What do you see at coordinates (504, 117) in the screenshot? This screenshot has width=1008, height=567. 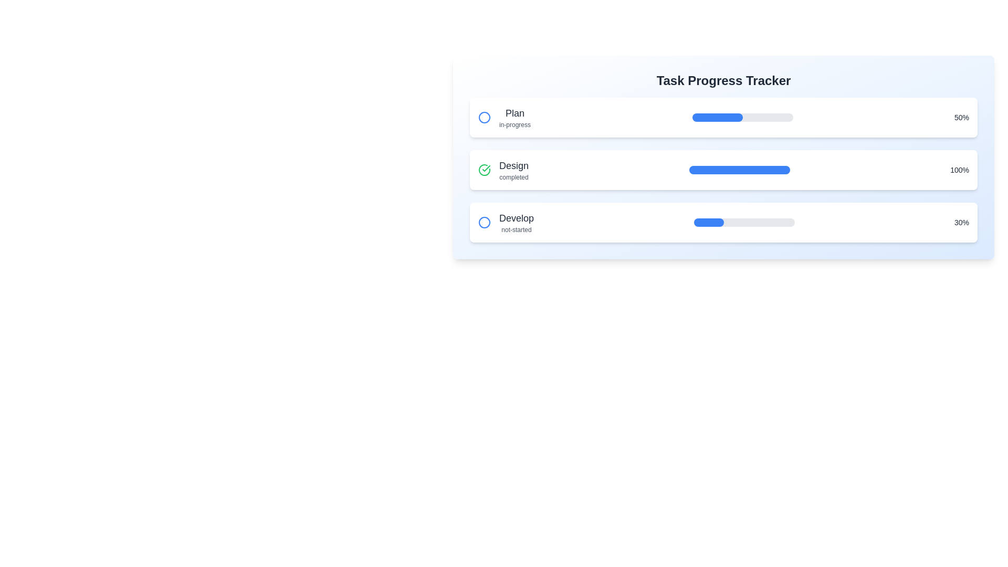 I see `the text of the task or plan in progress represented by the Label with an icon, located in the first row of the task tracker interface` at bounding box center [504, 117].